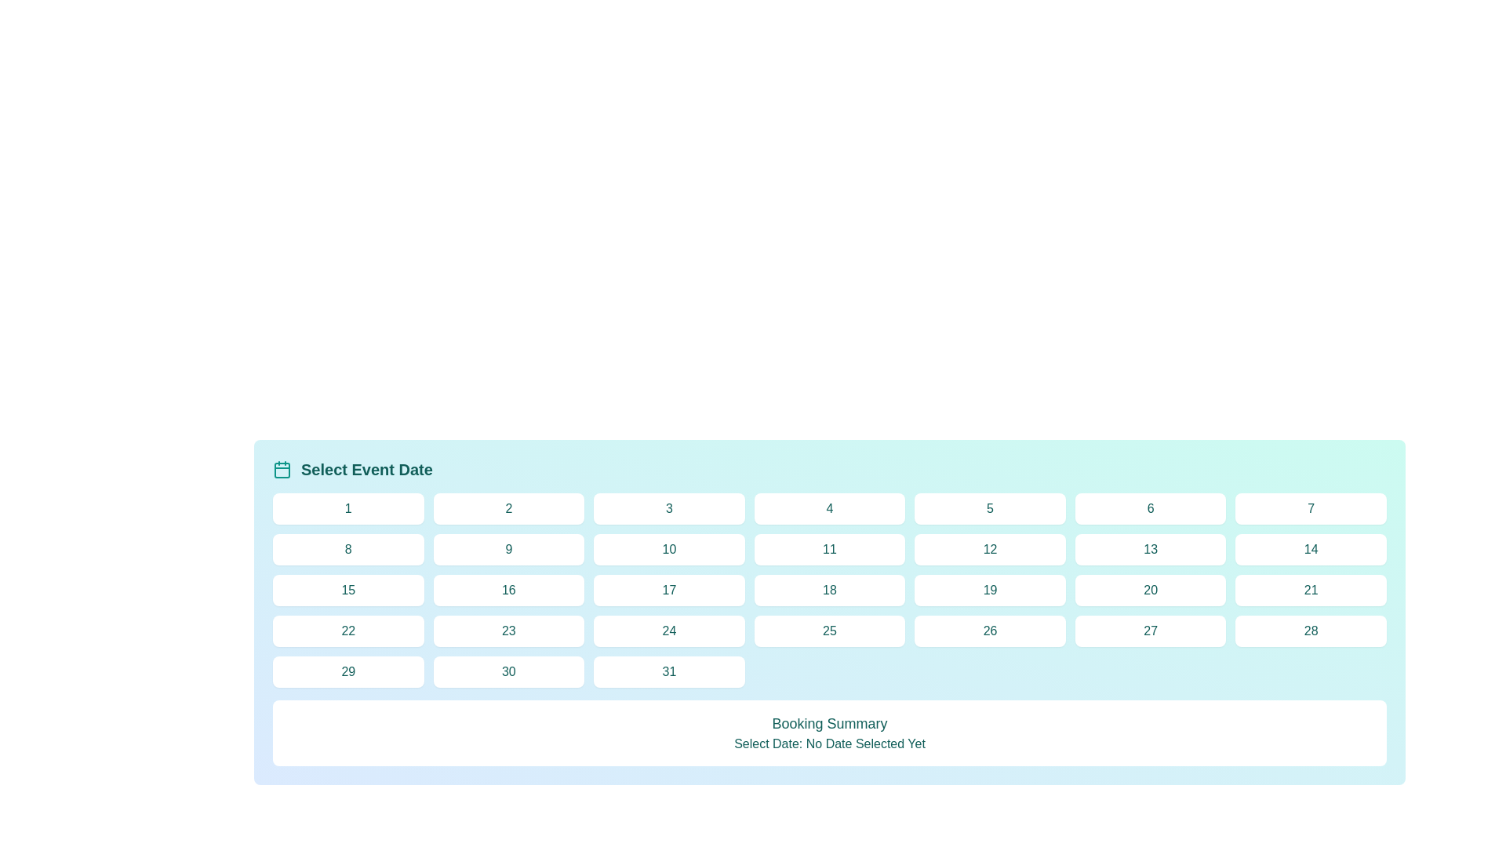 This screenshot has height=847, width=1506. Describe the element at coordinates (1311, 508) in the screenshot. I see `the rounded rectangular button with a white background and teal text displaying the number '7'` at that location.